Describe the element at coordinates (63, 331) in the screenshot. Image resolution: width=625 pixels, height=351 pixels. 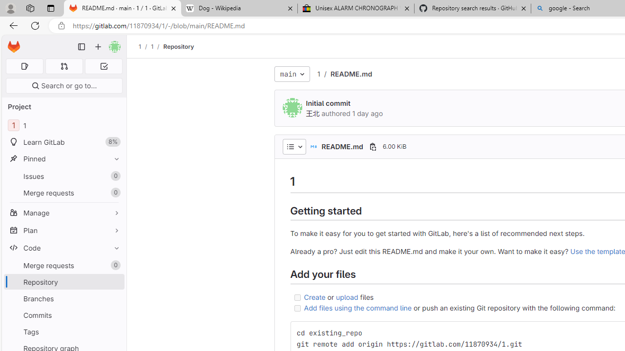
I see `'Tags'` at that location.